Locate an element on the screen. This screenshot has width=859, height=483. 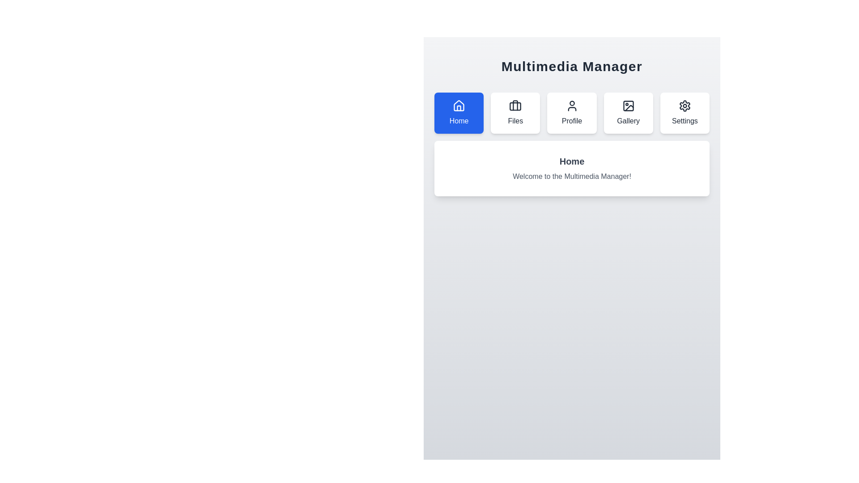
the 'Profile' button, which is the third button from the left in a horizontal row of five buttons, located below the 'Multimedia Manager' heading is located at coordinates (571, 113).